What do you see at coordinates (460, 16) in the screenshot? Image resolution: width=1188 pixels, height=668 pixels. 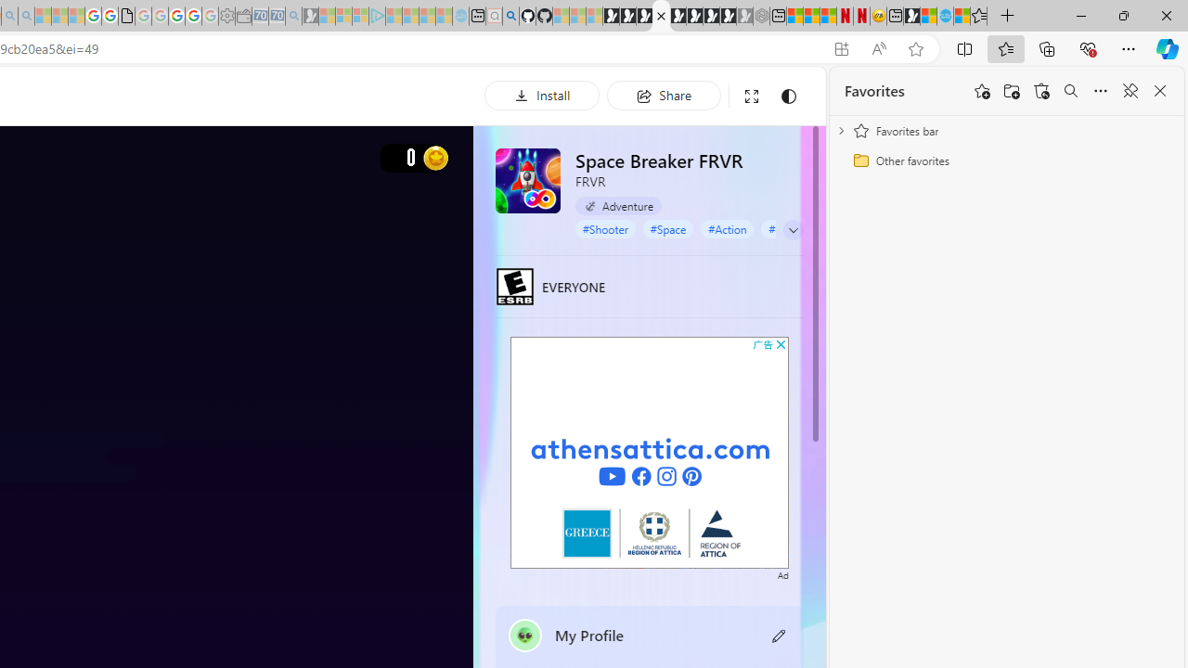 I see `'Home | Sky Blue Bikes - Sky Blue Bikes - Sleeping'` at bounding box center [460, 16].